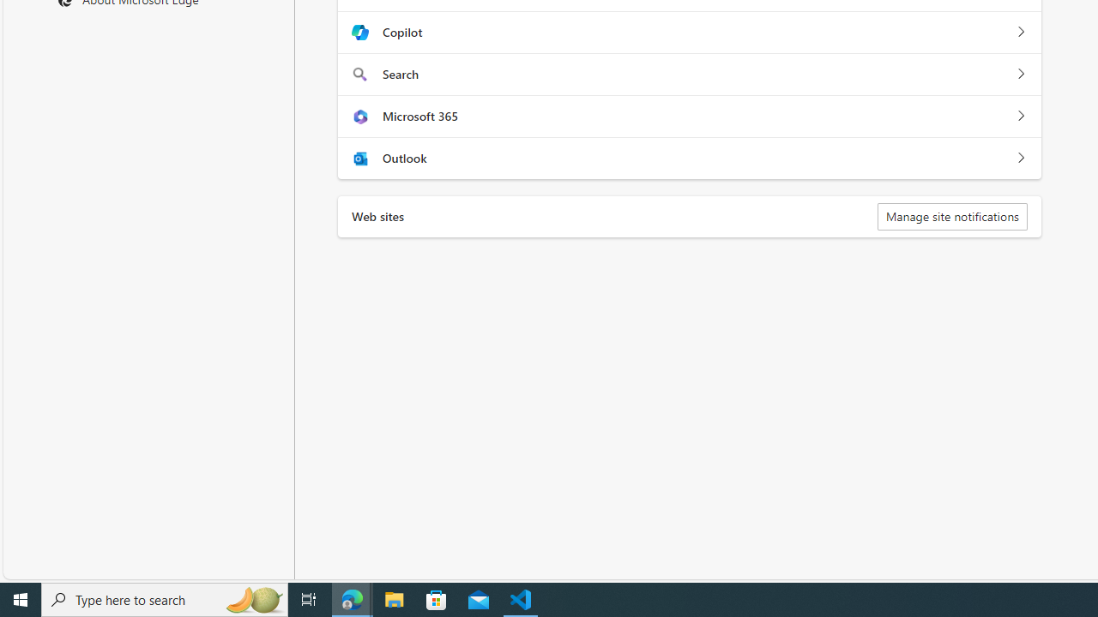 The image size is (1098, 617). Describe the element at coordinates (352, 598) in the screenshot. I see `'Microsoft Edge - 2 running windows'` at that location.